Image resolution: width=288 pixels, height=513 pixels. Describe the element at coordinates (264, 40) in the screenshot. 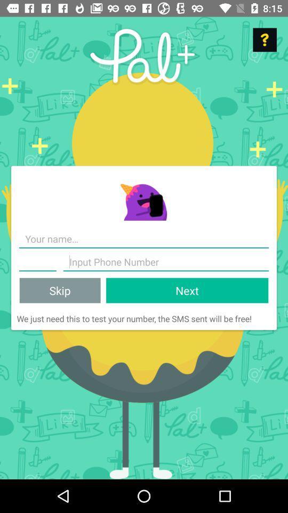

I see `the help icon` at that location.